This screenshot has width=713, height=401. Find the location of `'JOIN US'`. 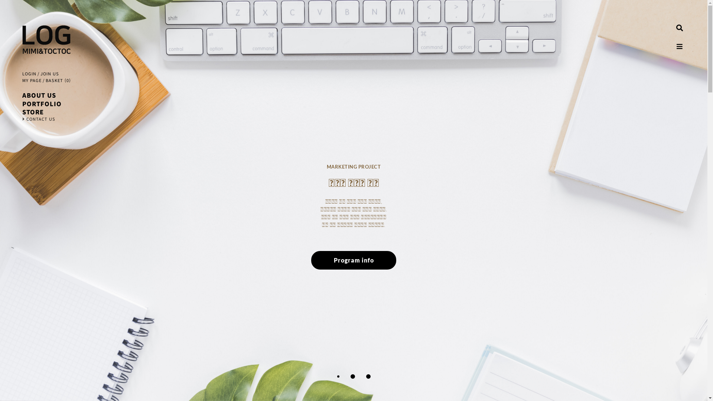

'JOIN US' is located at coordinates (40, 74).